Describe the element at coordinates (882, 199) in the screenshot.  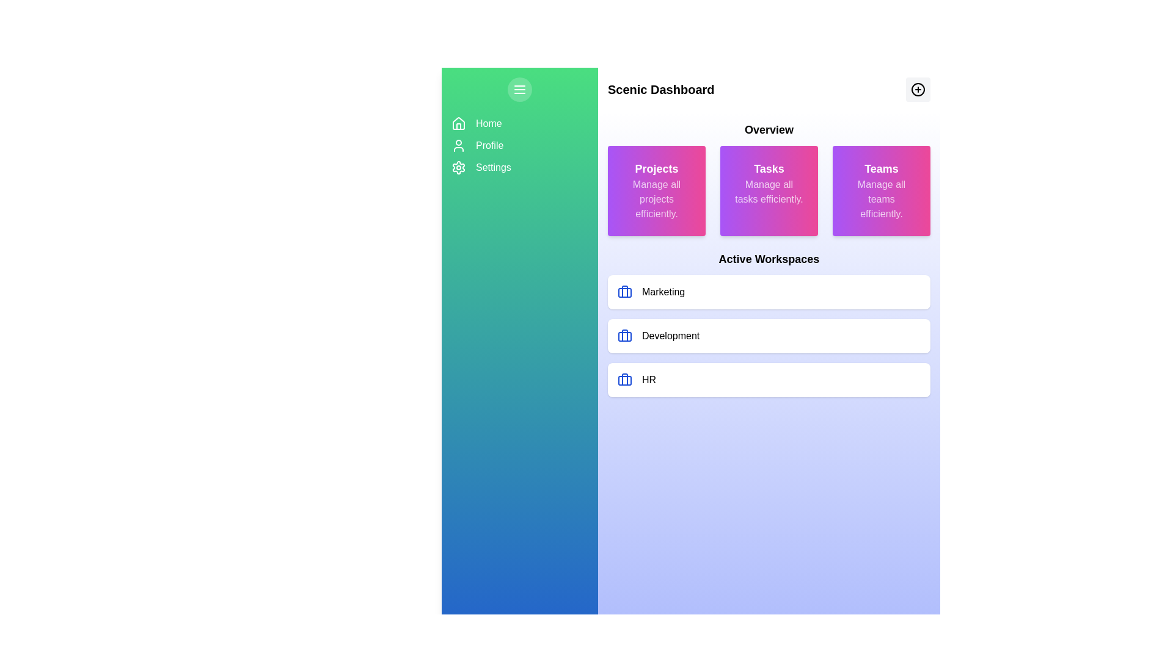
I see `the descriptive text block that provides information about the functionality of the 'Teams' card, located near the bottom of the card in the 'Overview' section` at that location.